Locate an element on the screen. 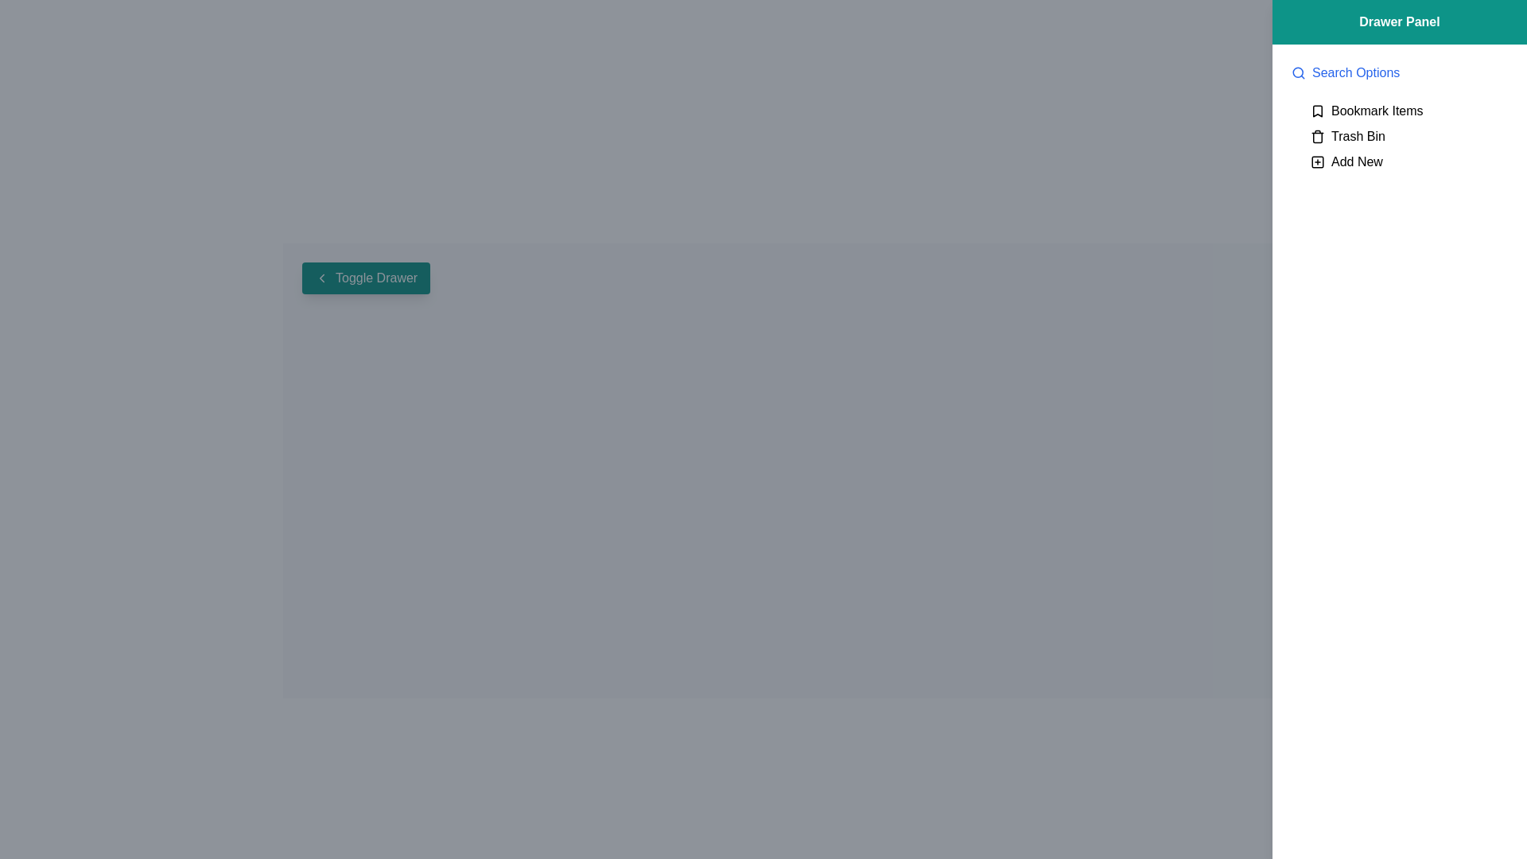  the first entry in the dropdown menu that allows users to access or manage bookmarked items is located at coordinates (1366, 110).